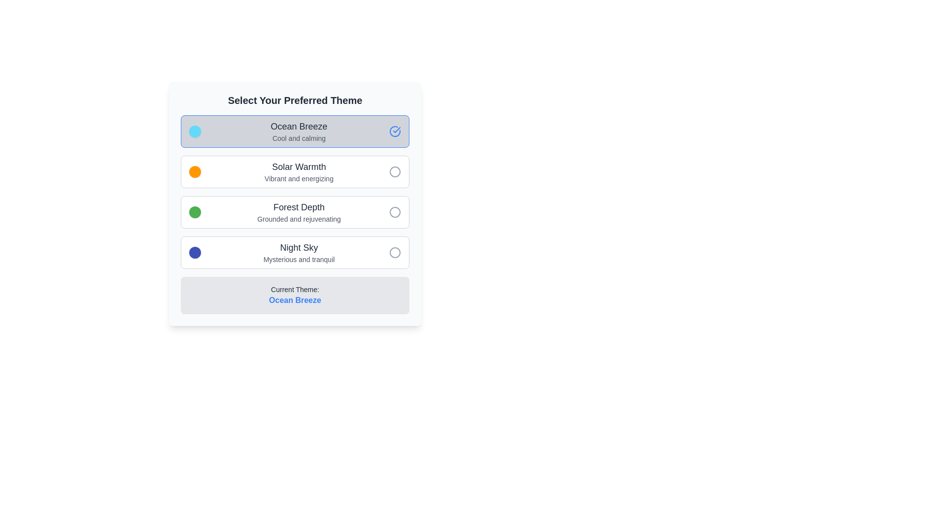  I want to click on the circular outline selection indicator for the theme 'Solar Warmth: Vibrant and energizing' located below 'Ocean Breeze', so click(395, 171).